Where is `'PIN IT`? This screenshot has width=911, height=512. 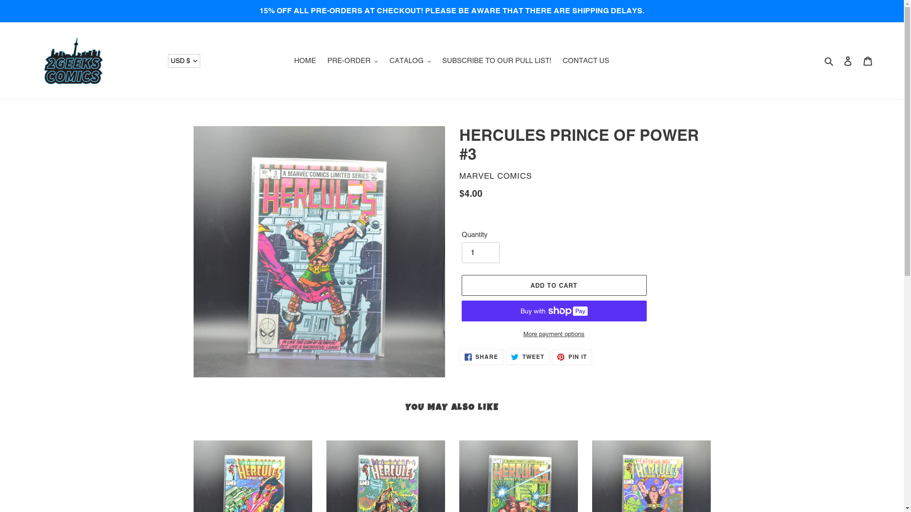
'PIN IT is located at coordinates (551, 357).